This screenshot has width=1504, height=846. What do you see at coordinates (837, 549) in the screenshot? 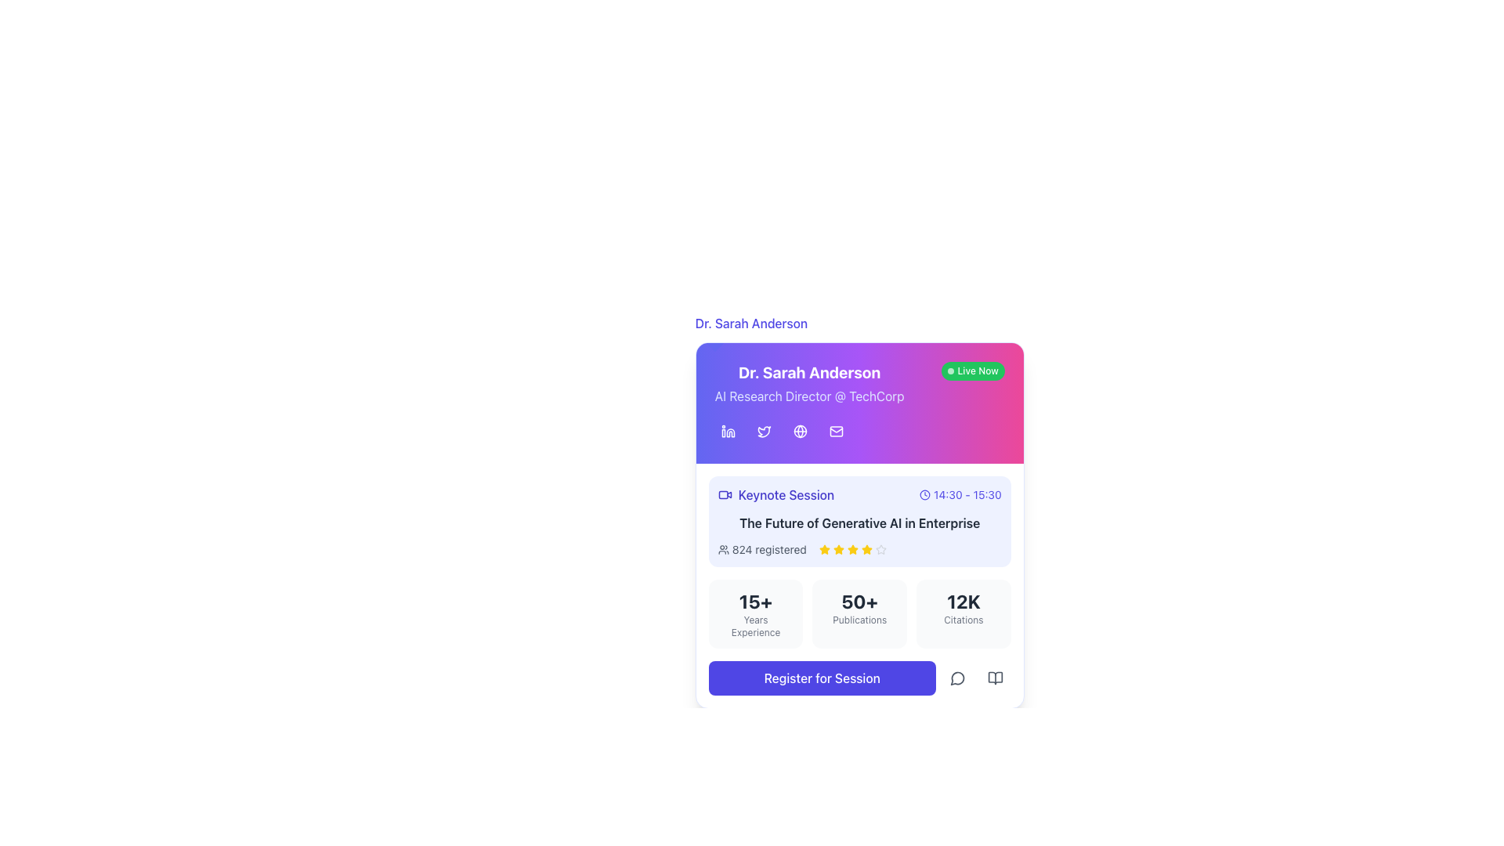
I see `graphic properties of the third yellow star icon in the horizontal rating star row, which is located in the session details section` at bounding box center [837, 549].